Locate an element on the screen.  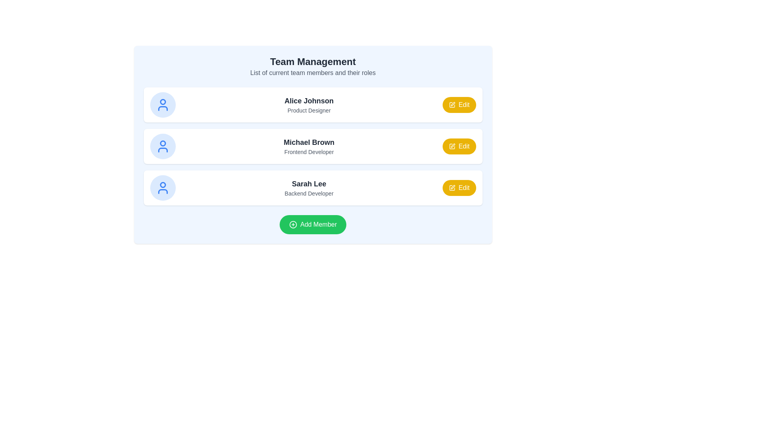
the text label displaying the name and role of the team member in the second row of the 'Team Management' list, located between the user avatar icon and the 'Edit' button is located at coordinates (308, 146).